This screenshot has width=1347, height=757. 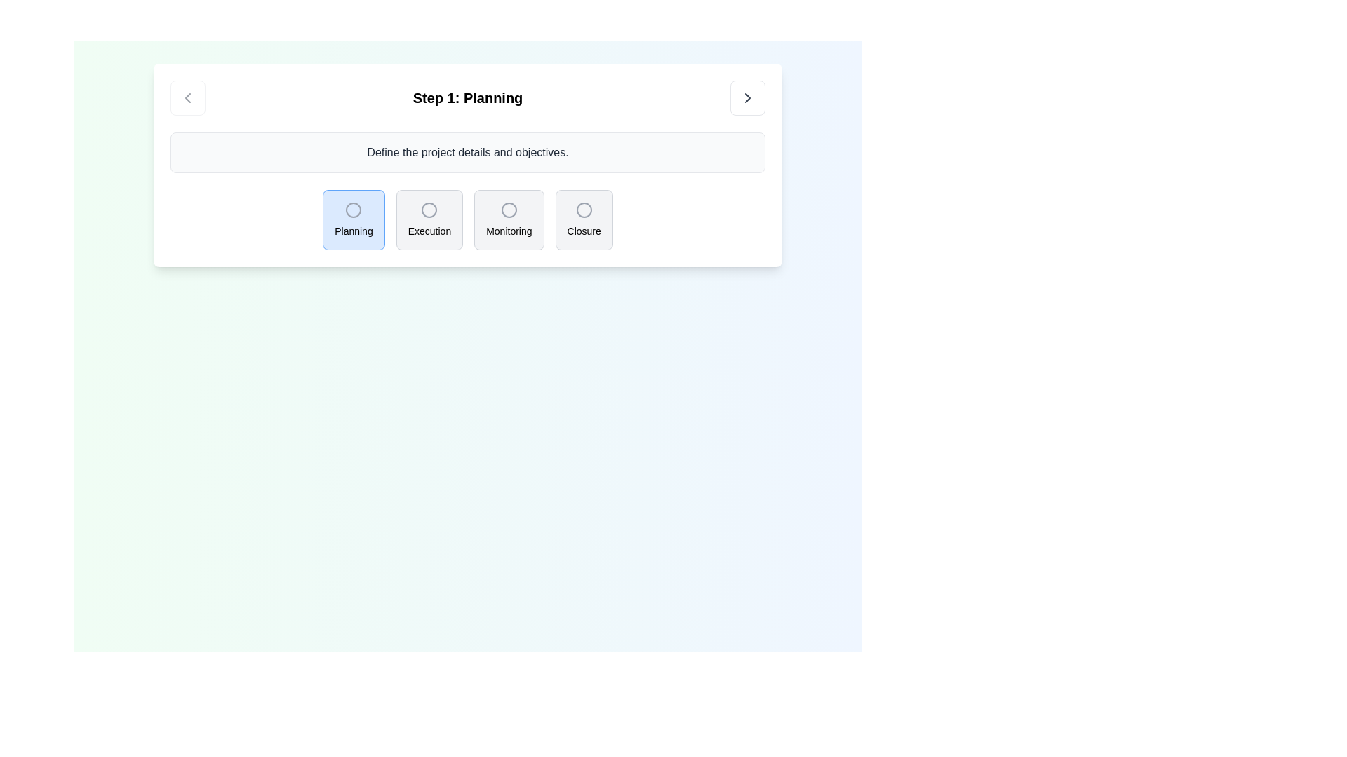 I want to click on the 'Monitoring' button in the project workflow, so click(x=508, y=219).